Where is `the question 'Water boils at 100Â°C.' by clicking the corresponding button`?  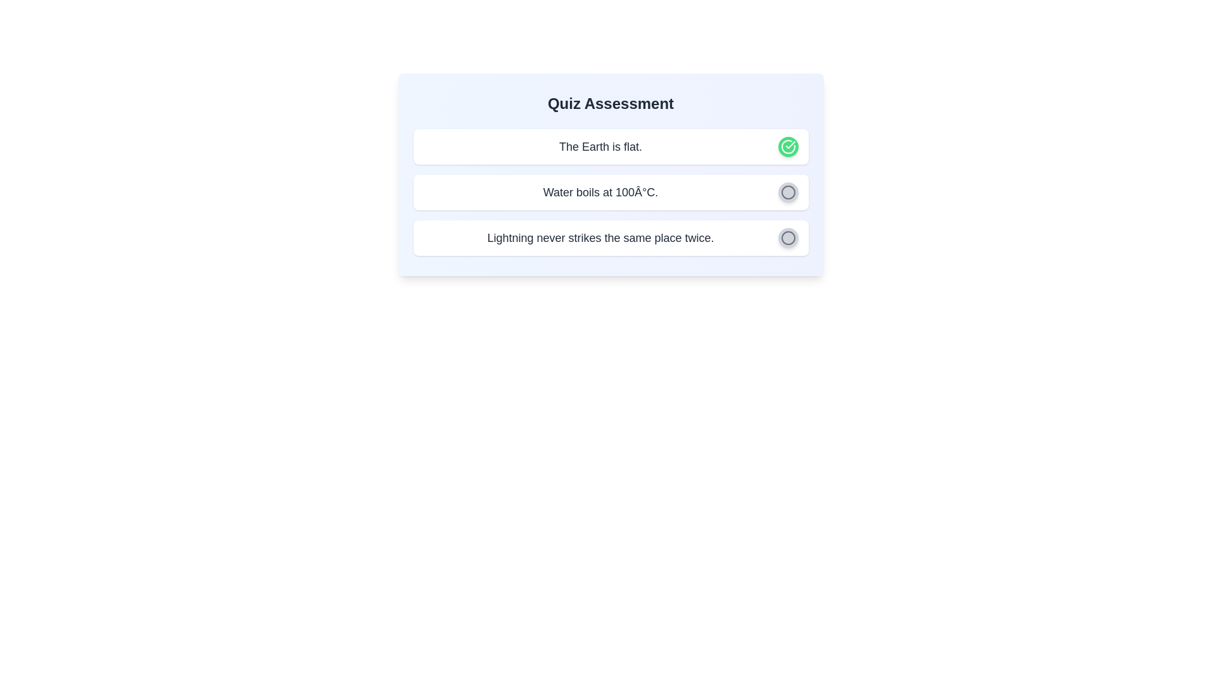 the question 'Water boils at 100Â°C.' by clicking the corresponding button is located at coordinates (787, 193).